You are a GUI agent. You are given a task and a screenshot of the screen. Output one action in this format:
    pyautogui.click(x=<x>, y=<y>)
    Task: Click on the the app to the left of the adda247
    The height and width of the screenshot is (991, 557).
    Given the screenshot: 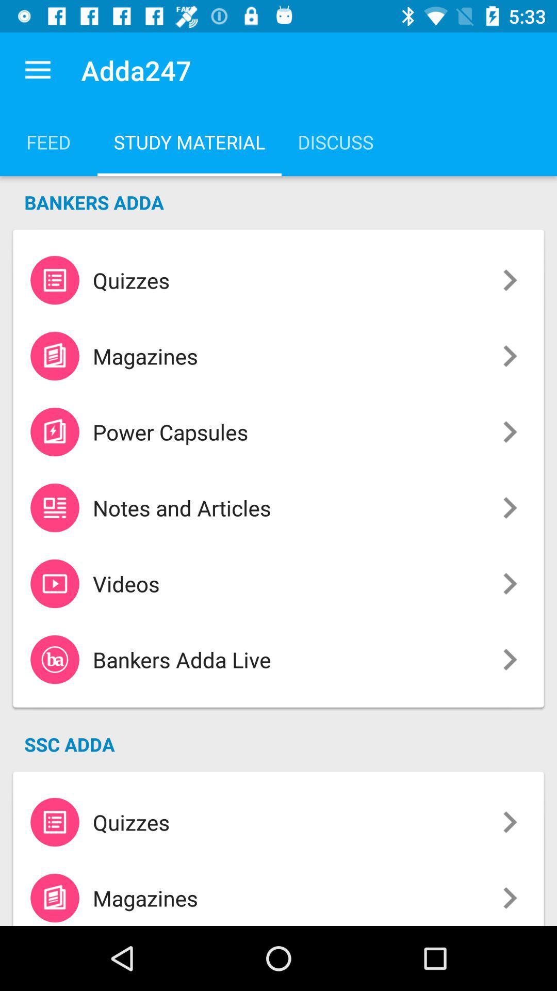 What is the action you would take?
    pyautogui.click(x=37, y=70)
    